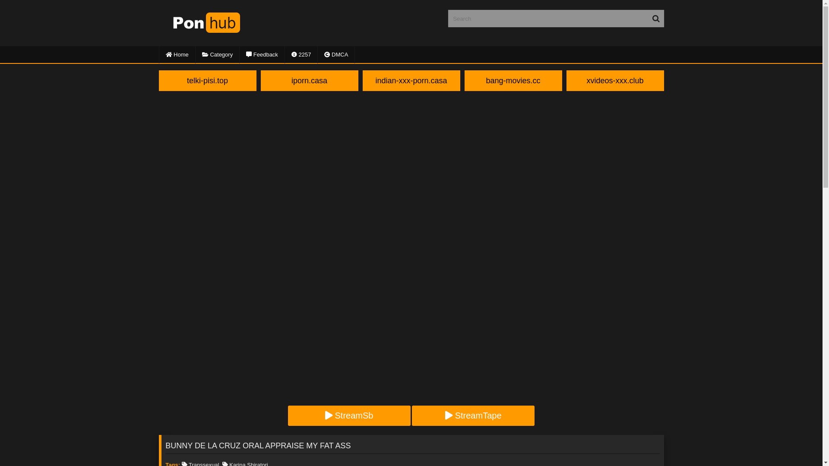  Describe the element at coordinates (411, 80) in the screenshot. I see `'indian-xxx-porn.casa'` at that location.